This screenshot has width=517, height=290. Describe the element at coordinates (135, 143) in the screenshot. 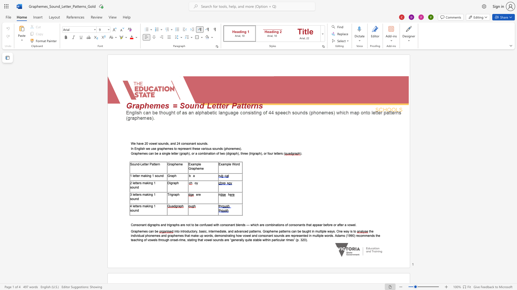

I see `the 1th character "e" in the text` at that location.